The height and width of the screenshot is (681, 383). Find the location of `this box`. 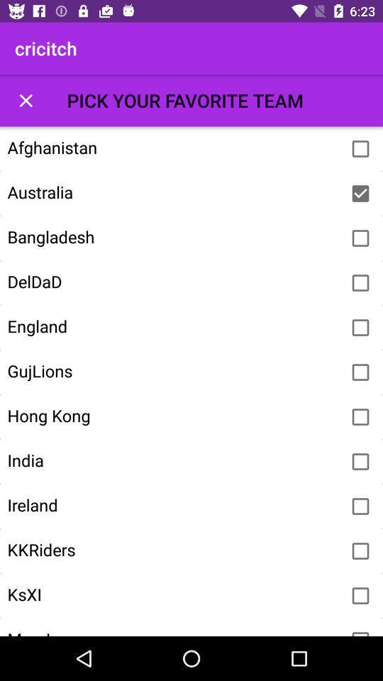

this box is located at coordinates (26, 99).